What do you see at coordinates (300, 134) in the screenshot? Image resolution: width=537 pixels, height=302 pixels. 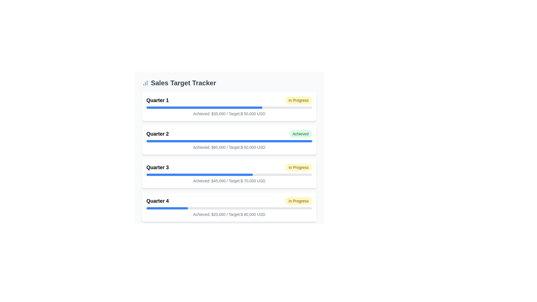 I see `the small rectangular badge with rounded corners that has a light green background and contains the text 'Achieved' in a darker green font, positioned to the right of the 'Quarter 2' label` at bounding box center [300, 134].